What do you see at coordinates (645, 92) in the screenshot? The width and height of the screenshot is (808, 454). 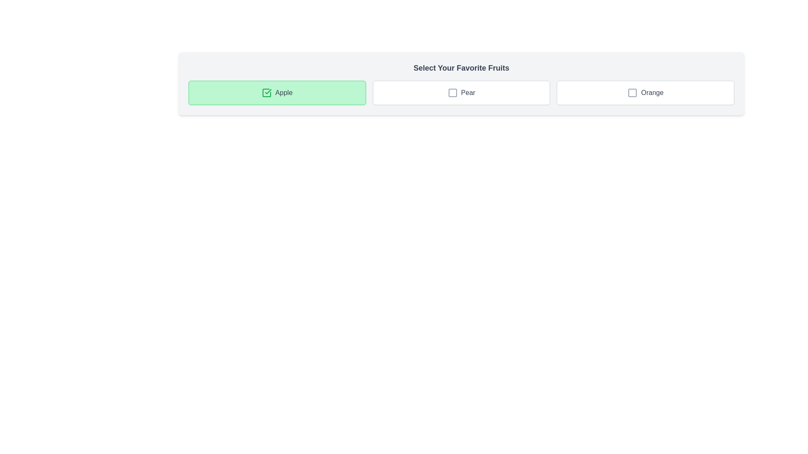 I see `the unselected checkbox labeled 'Orange' located at the far right of the row of three similar sections` at bounding box center [645, 92].